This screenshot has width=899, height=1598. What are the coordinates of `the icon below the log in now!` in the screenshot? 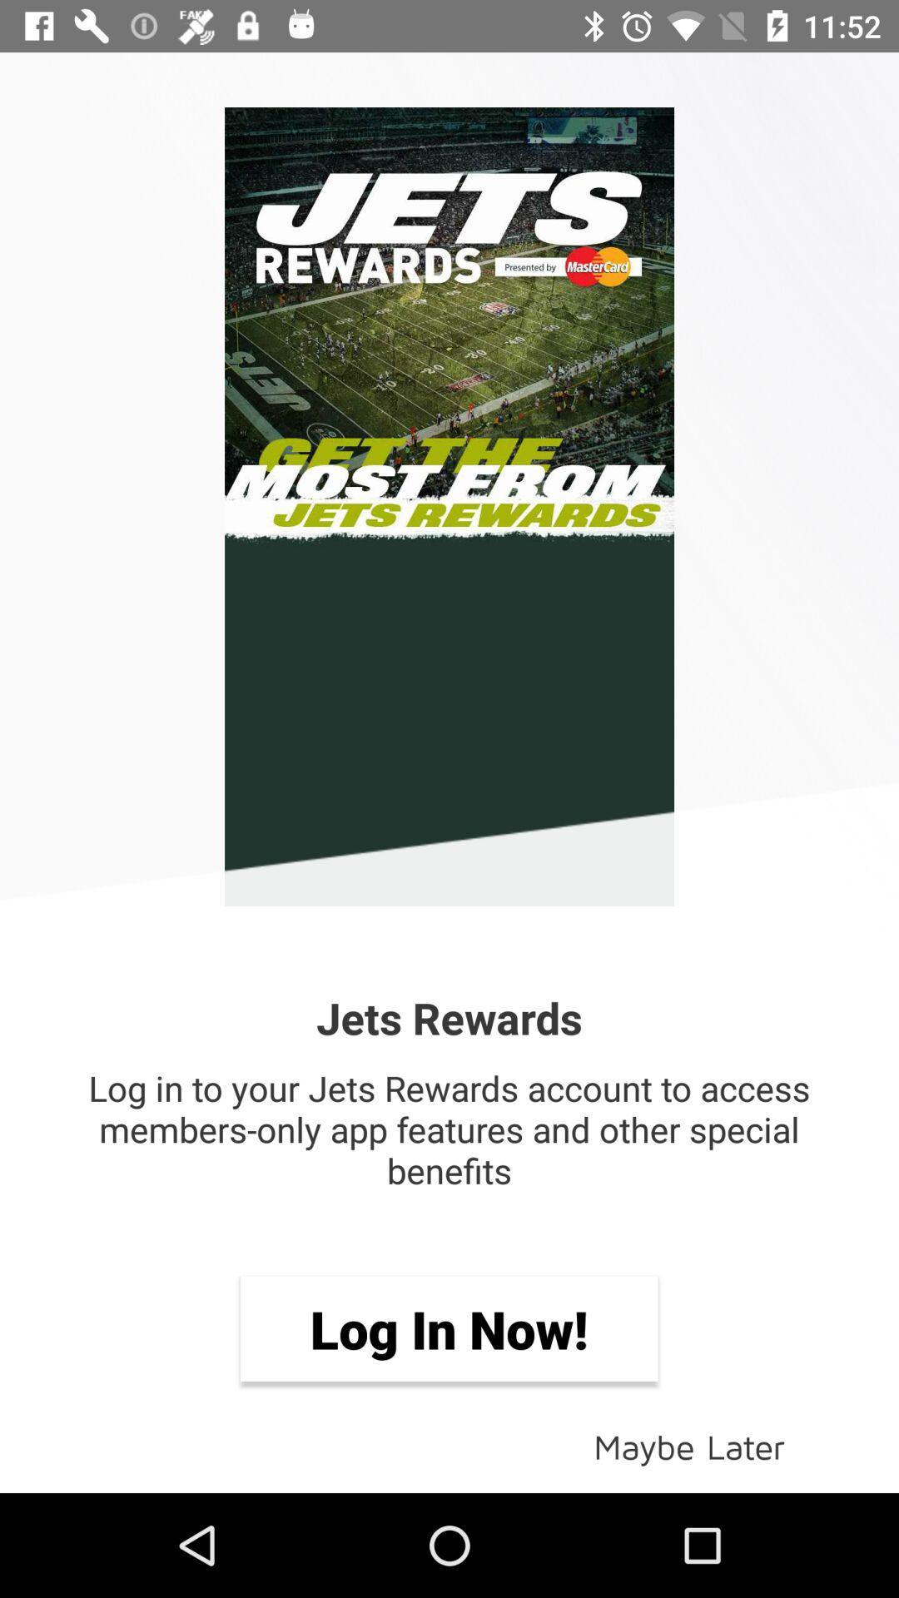 It's located at (689, 1445).